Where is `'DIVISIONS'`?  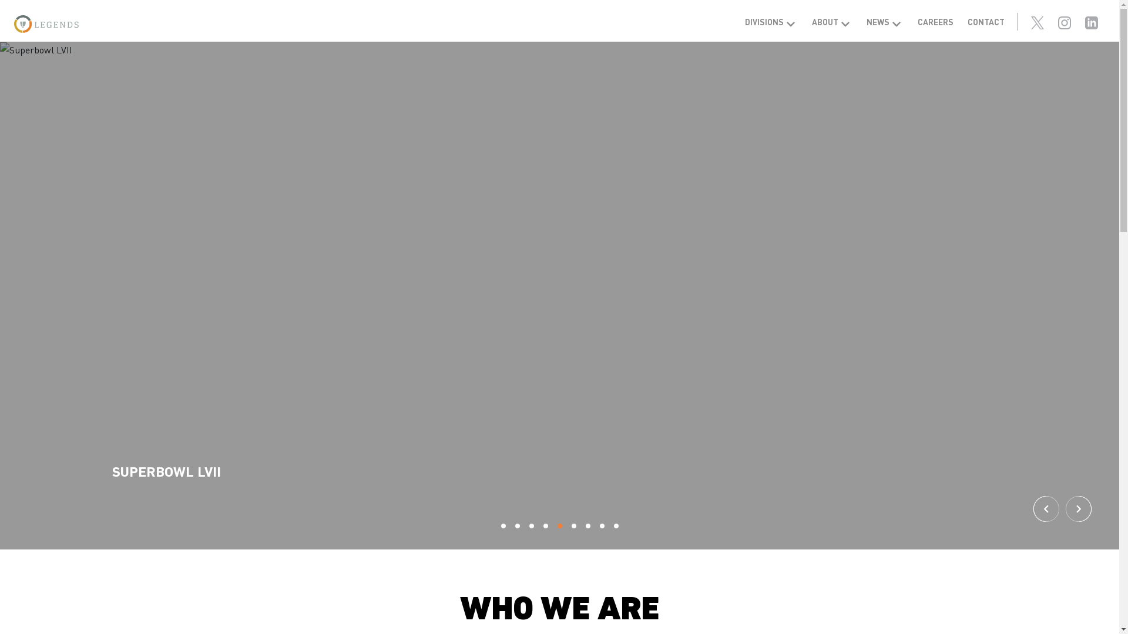 'DIVISIONS' is located at coordinates (737, 22).